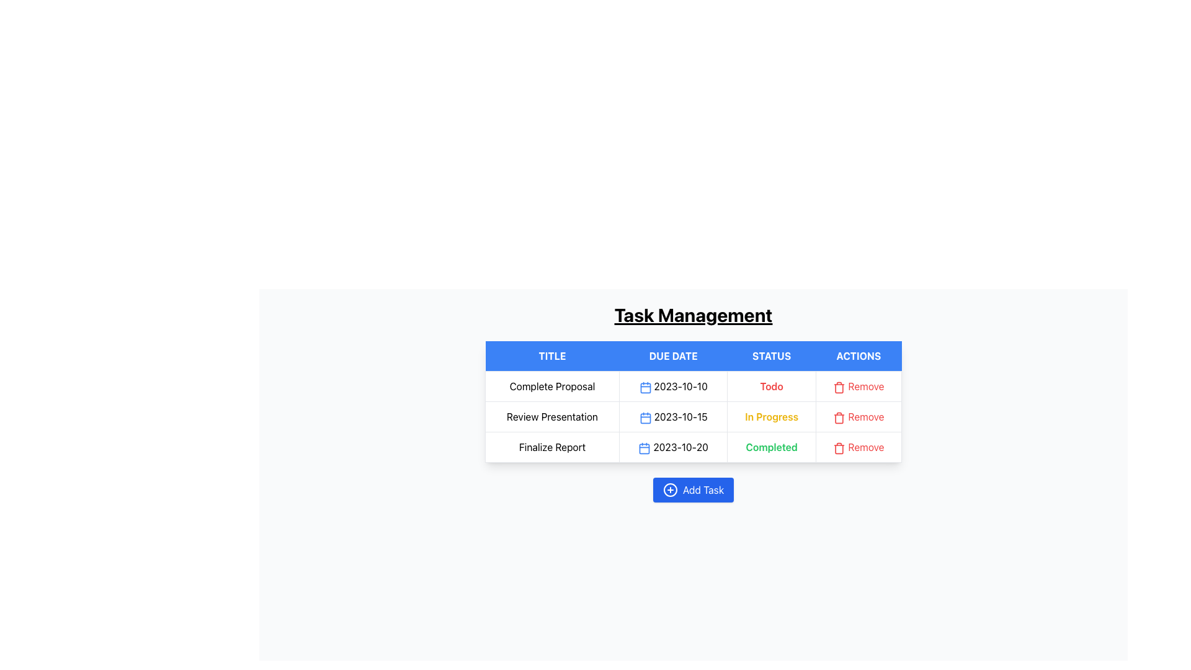  Describe the element at coordinates (645, 386) in the screenshot. I see `the calendar icon located in the 'DUE DATE' column of the first row in the 'Task Management' table, which is adjacent to the text '2023-10-10' for potential interactions` at that location.